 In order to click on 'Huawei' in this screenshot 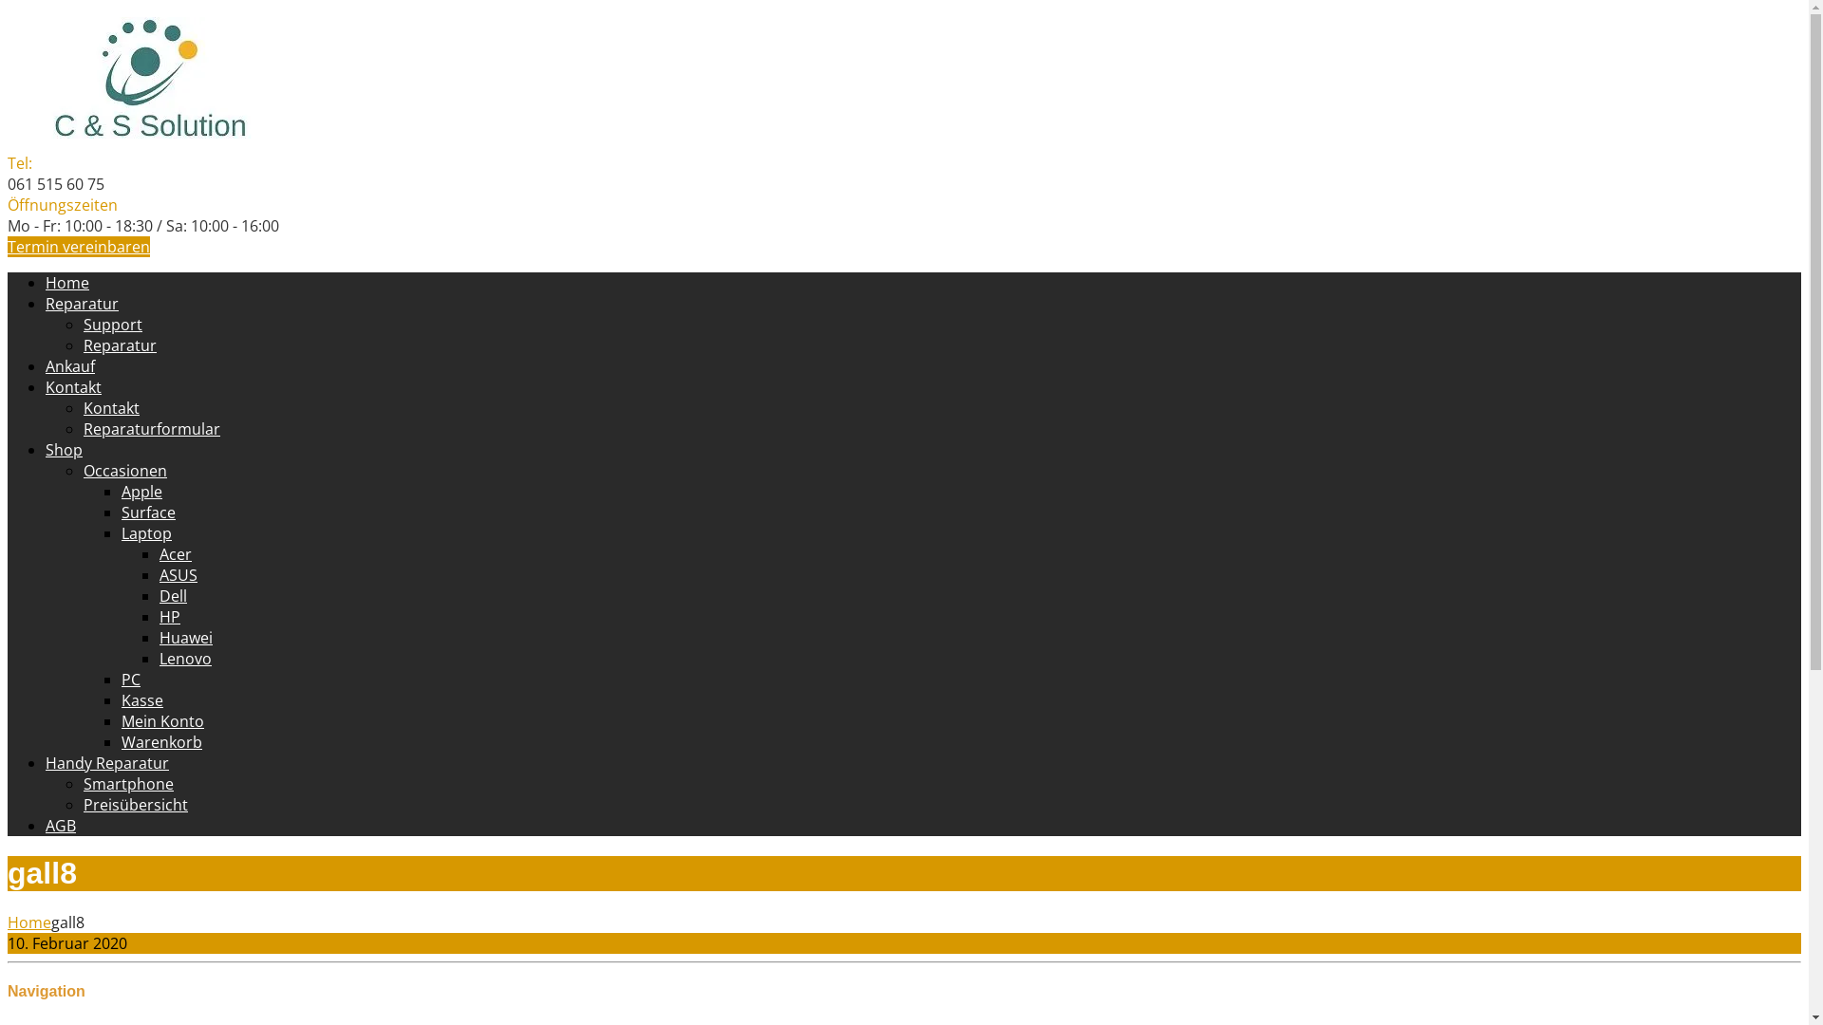, I will do `click(186, 637)`.